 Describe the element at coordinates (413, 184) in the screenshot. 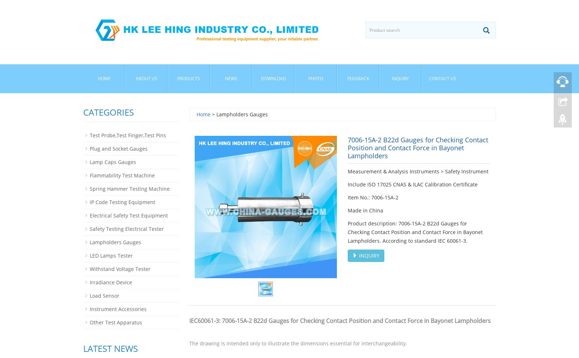

I see `'Include ISO 17025 CNAS & ILAC Calibration Certificate'` at that location.